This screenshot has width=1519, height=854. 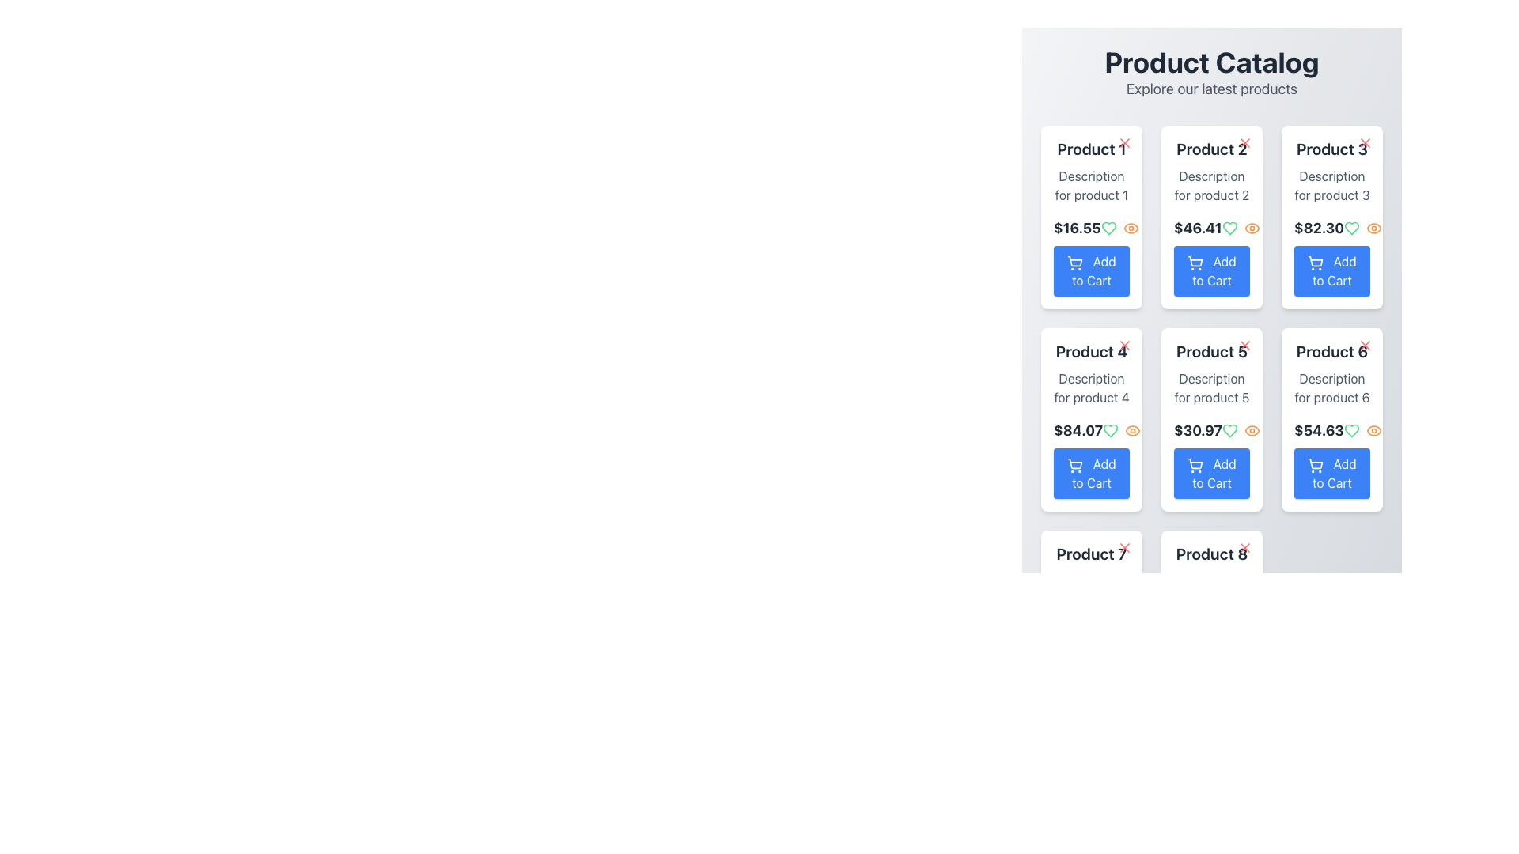 I want to click on price displayed on the bold, dark-colored text label showing '$16.55' at the top-left corner of the card for 'Product 1', so click(x=1076, y=229).